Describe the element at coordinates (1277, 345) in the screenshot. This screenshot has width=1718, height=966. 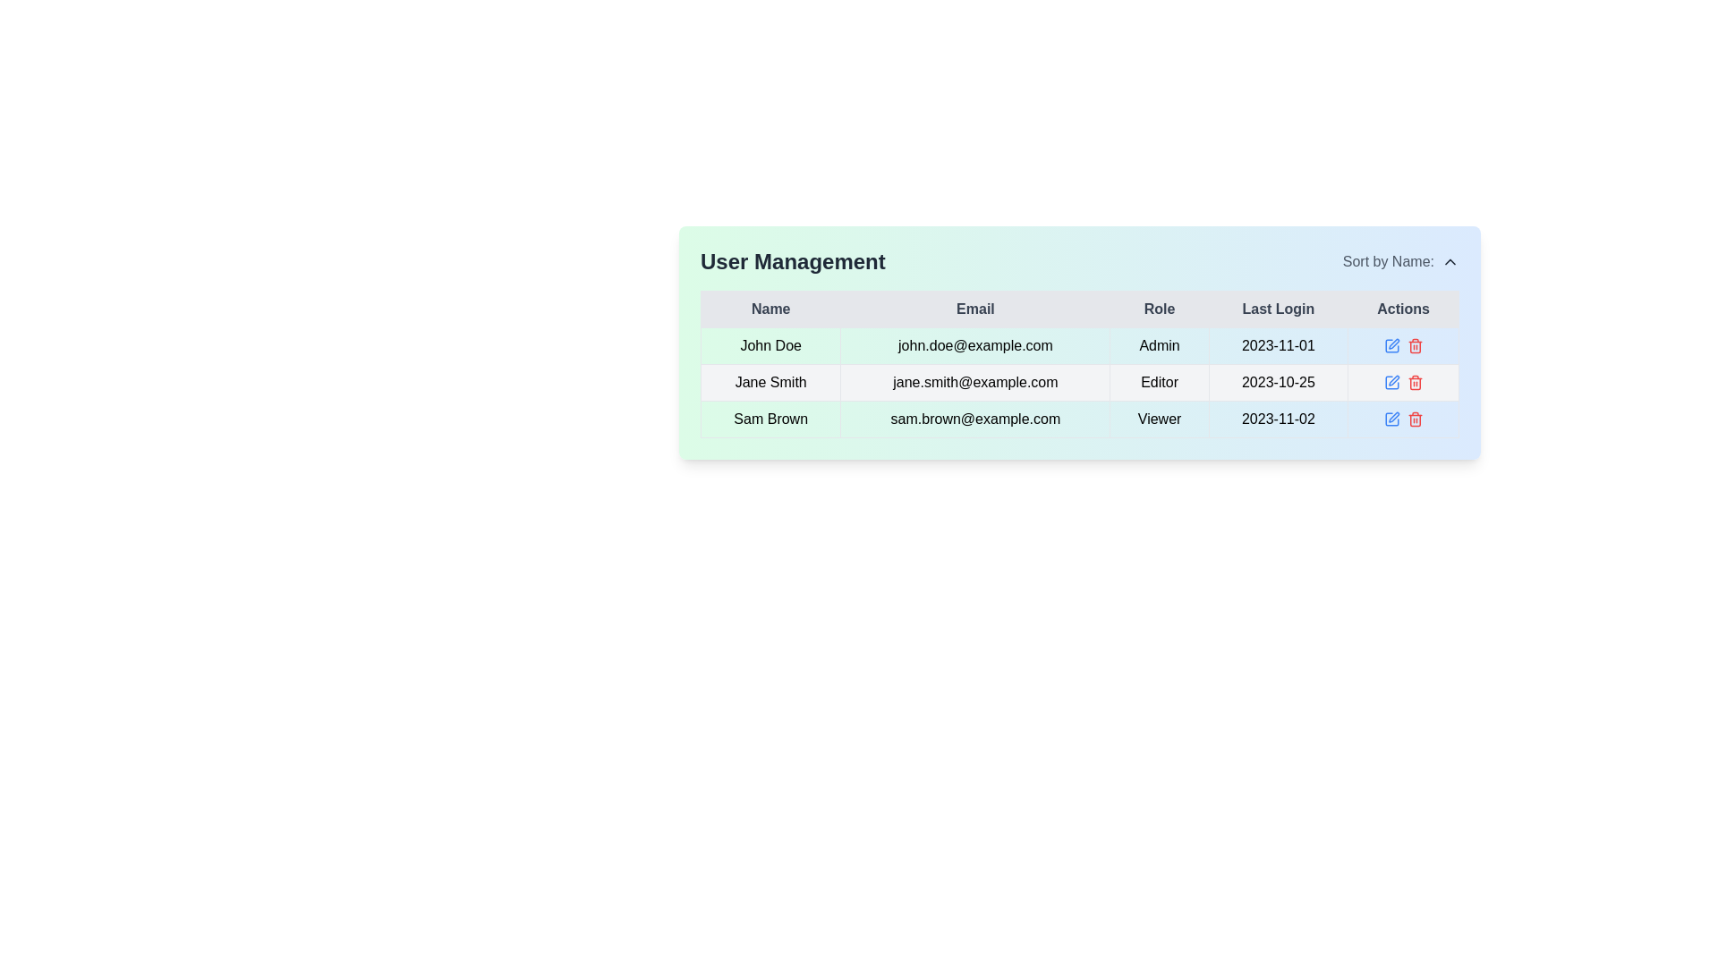
I see `text displayed for the last login date of the user 'John Doe' in the user management interface, located in the 'Last Login' column of the table` at that location.